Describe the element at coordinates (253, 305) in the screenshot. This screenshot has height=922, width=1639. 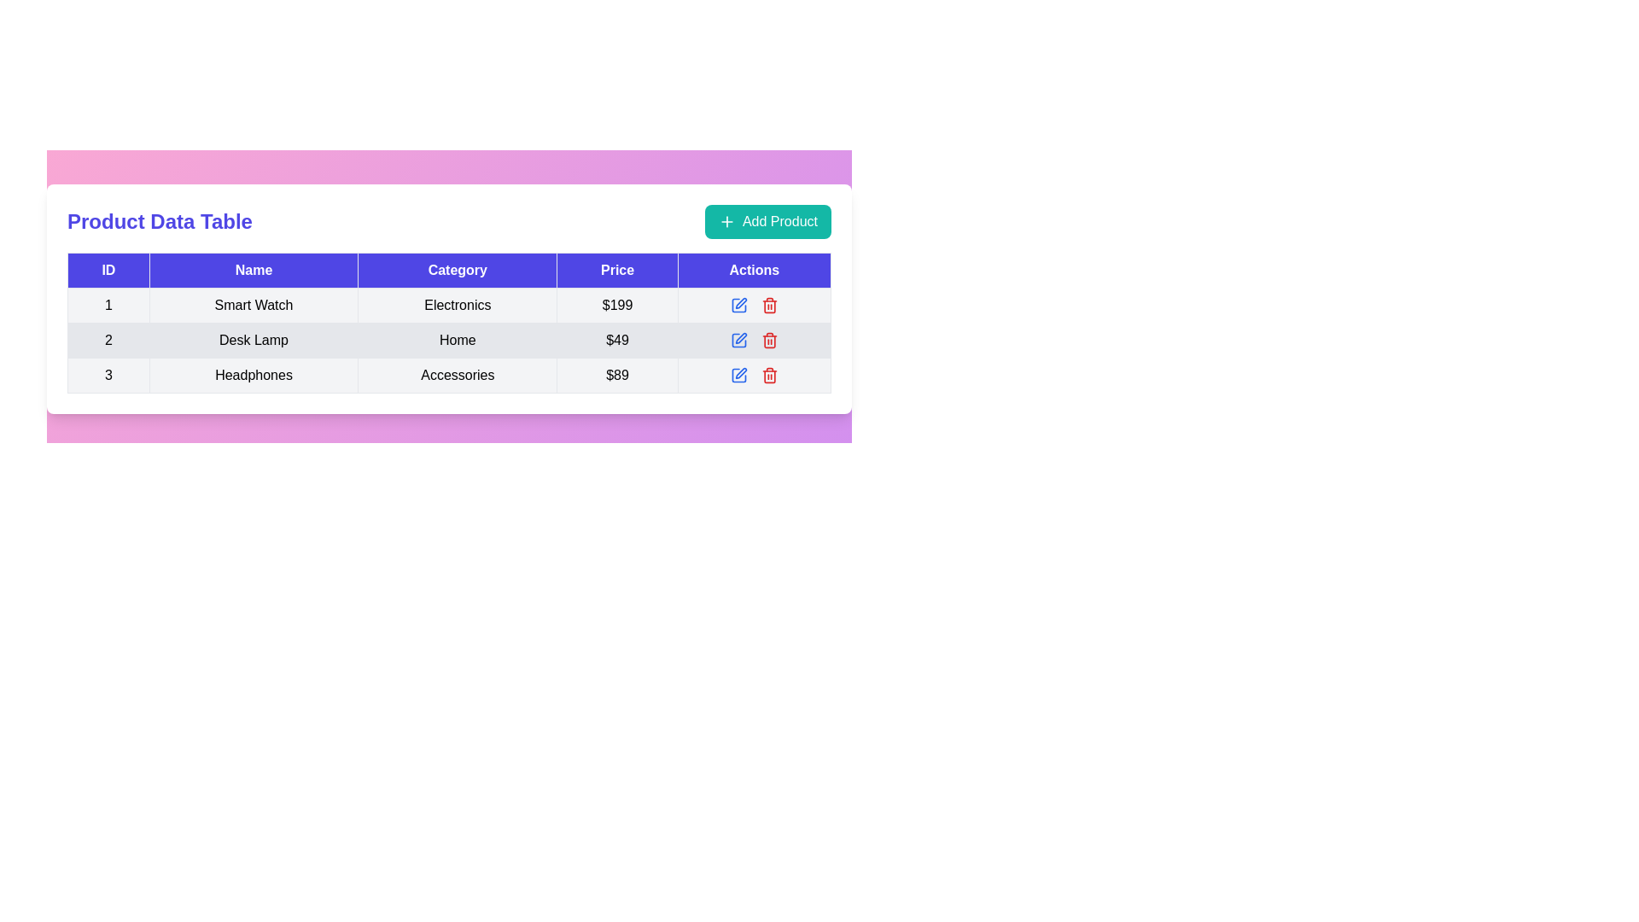
I see `text 'Smart Watch' from the table cell located in the second column of the first row, which has a grayish background` at that location.